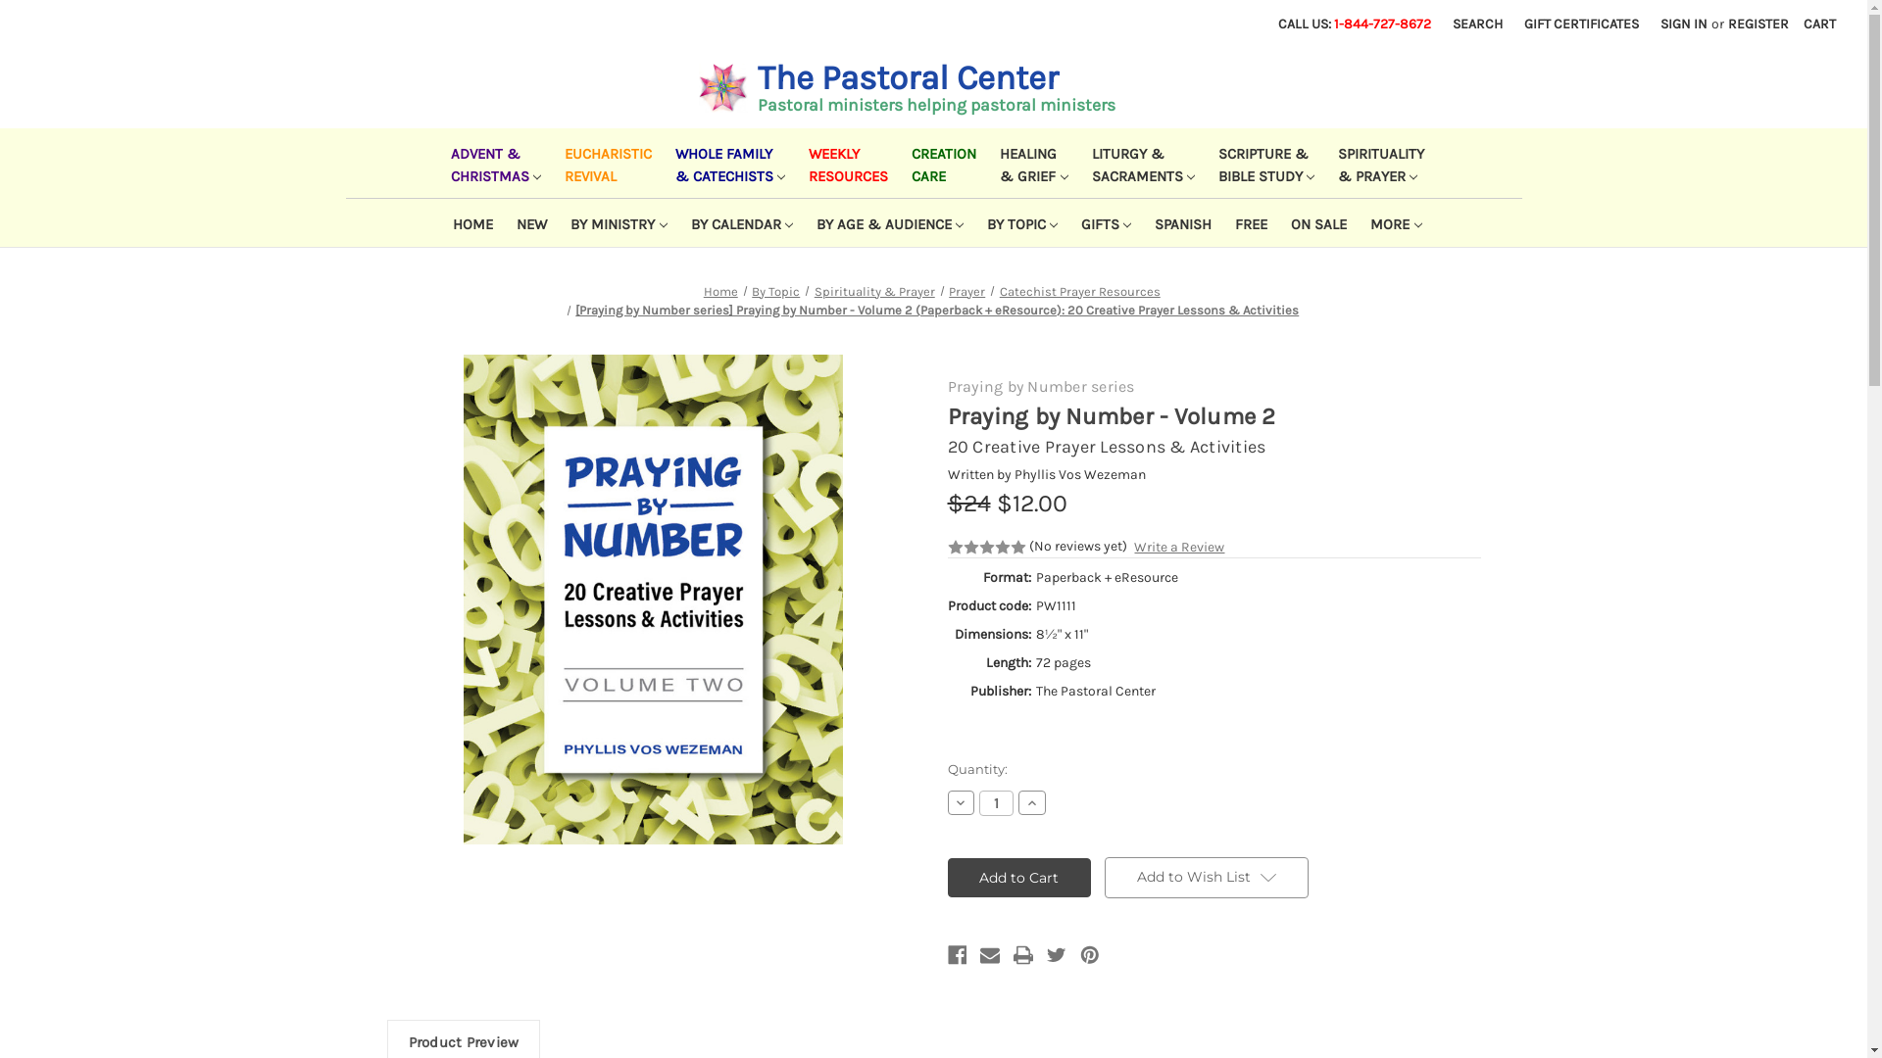  What do you see at coordinates (966, 291) in the screenshot?
I see `'Prayer'` at bounding box center [966, 291].